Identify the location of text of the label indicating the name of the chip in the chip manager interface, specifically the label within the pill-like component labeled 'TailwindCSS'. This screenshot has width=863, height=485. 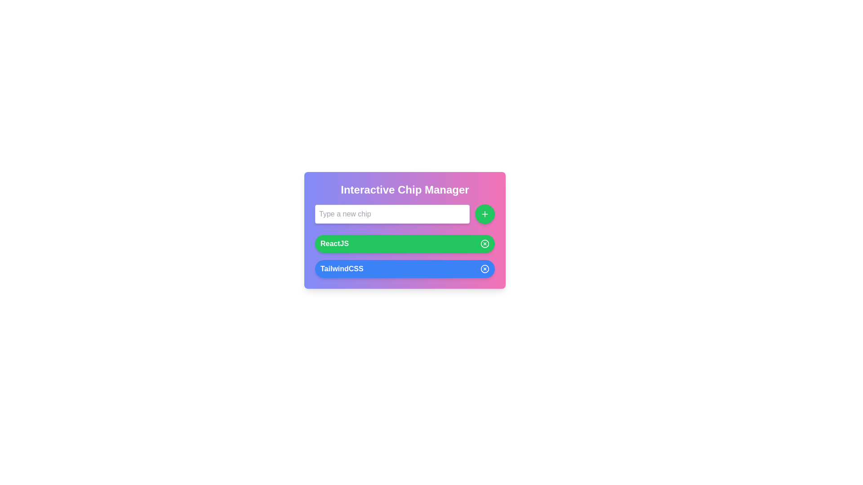
(341, 268).